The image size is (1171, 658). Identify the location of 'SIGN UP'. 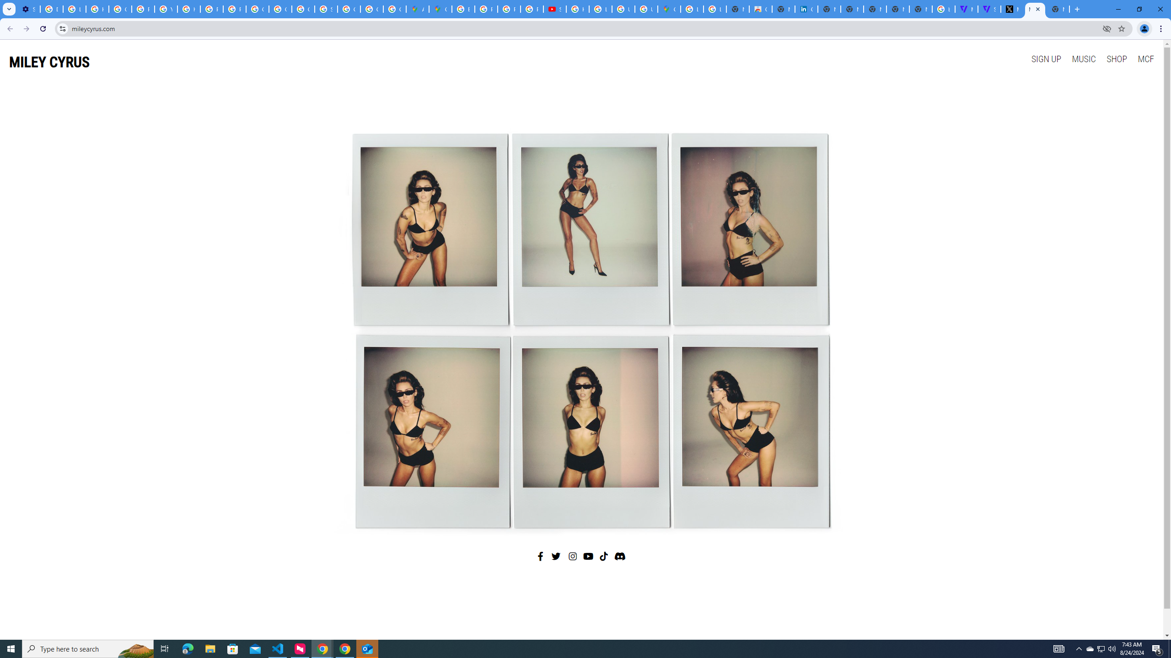
(1046, 58).